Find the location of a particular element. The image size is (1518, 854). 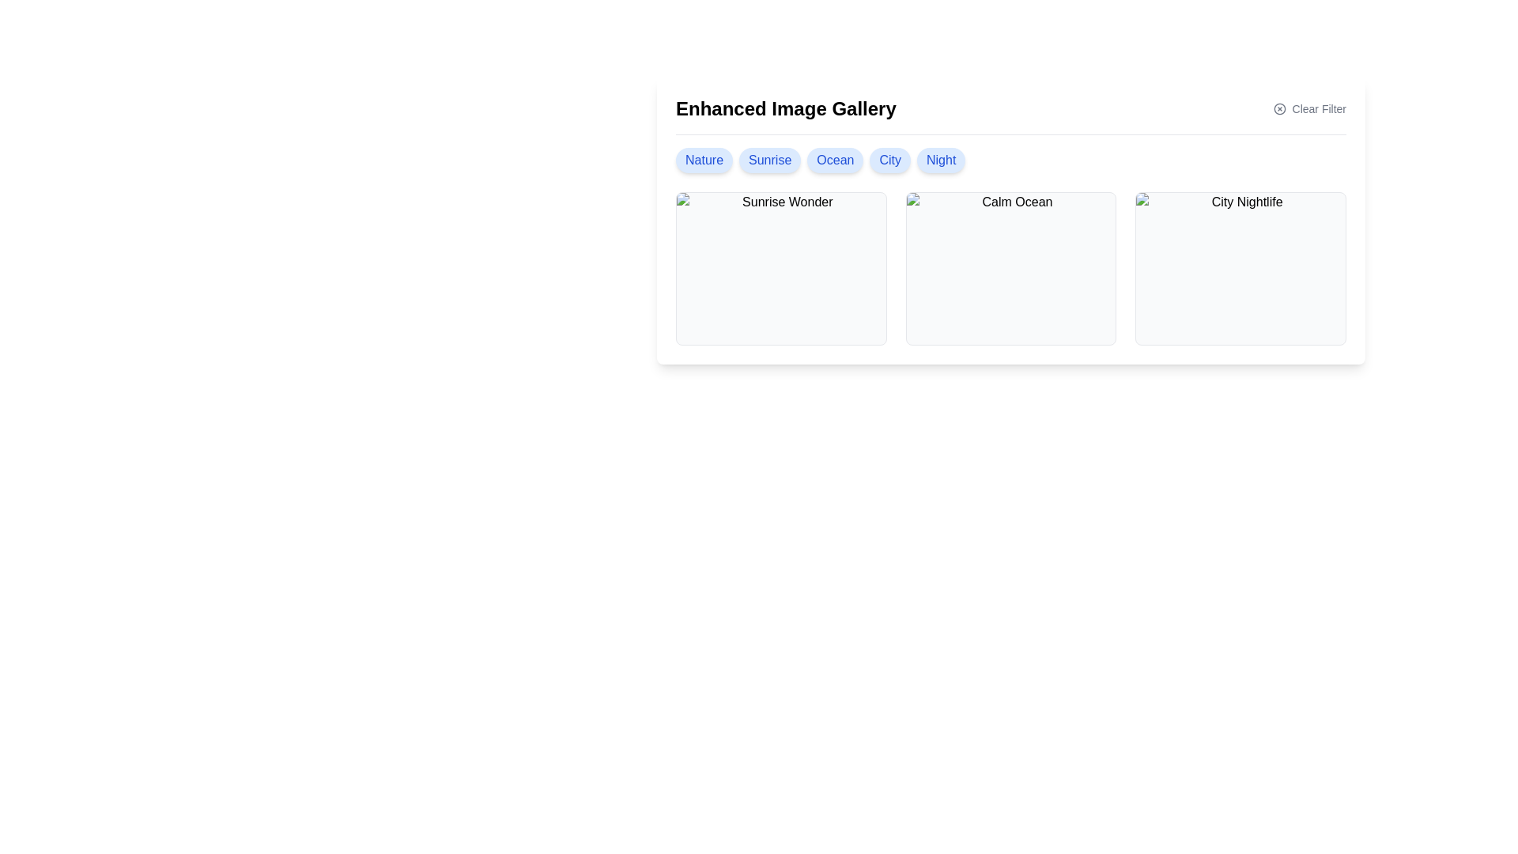

the fifth button from the left in the horizontal group of buttons at the top of the section is located at coordinates (941, 161).